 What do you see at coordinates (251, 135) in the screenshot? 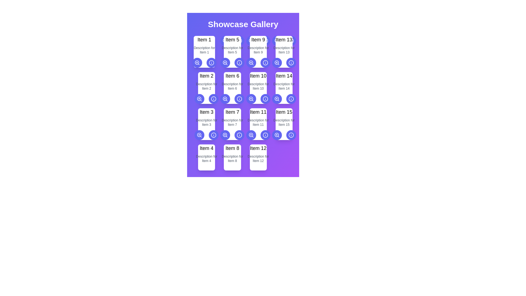
I see `the magnifying glass icon with a '+' symbol inside it, which is the leftmost button below the grid item labeled 'Item 11' in the showcase gallery` at bounding box center [251, 135].